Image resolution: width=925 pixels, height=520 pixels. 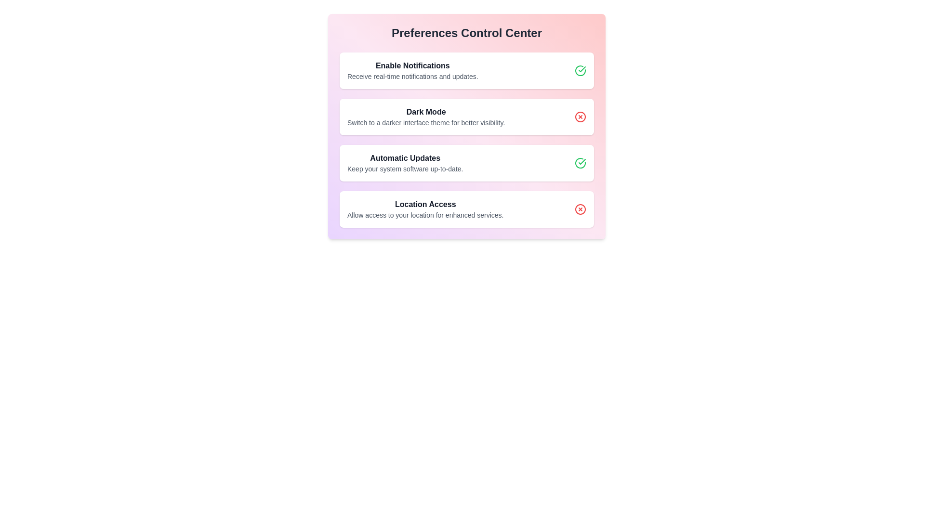 What do you see at coordinates (580, 70) in the screenshot?
I see `the vector graphic icon indicating the enabled state of 'Automatic Updates' located at the right end of the third row in the interface` at bounding box center [580, 70].